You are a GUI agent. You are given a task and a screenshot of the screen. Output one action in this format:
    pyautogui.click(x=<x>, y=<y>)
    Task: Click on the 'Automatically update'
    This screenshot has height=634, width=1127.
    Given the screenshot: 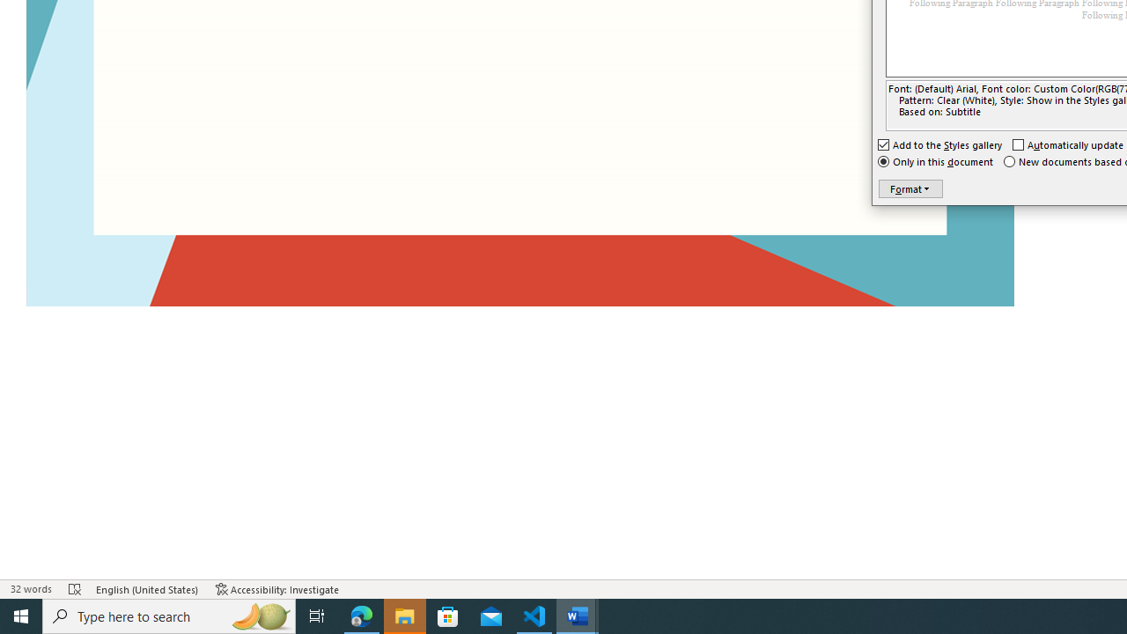 What is the action you would take?
    pyautogui.click(x=1068, y=144)
    